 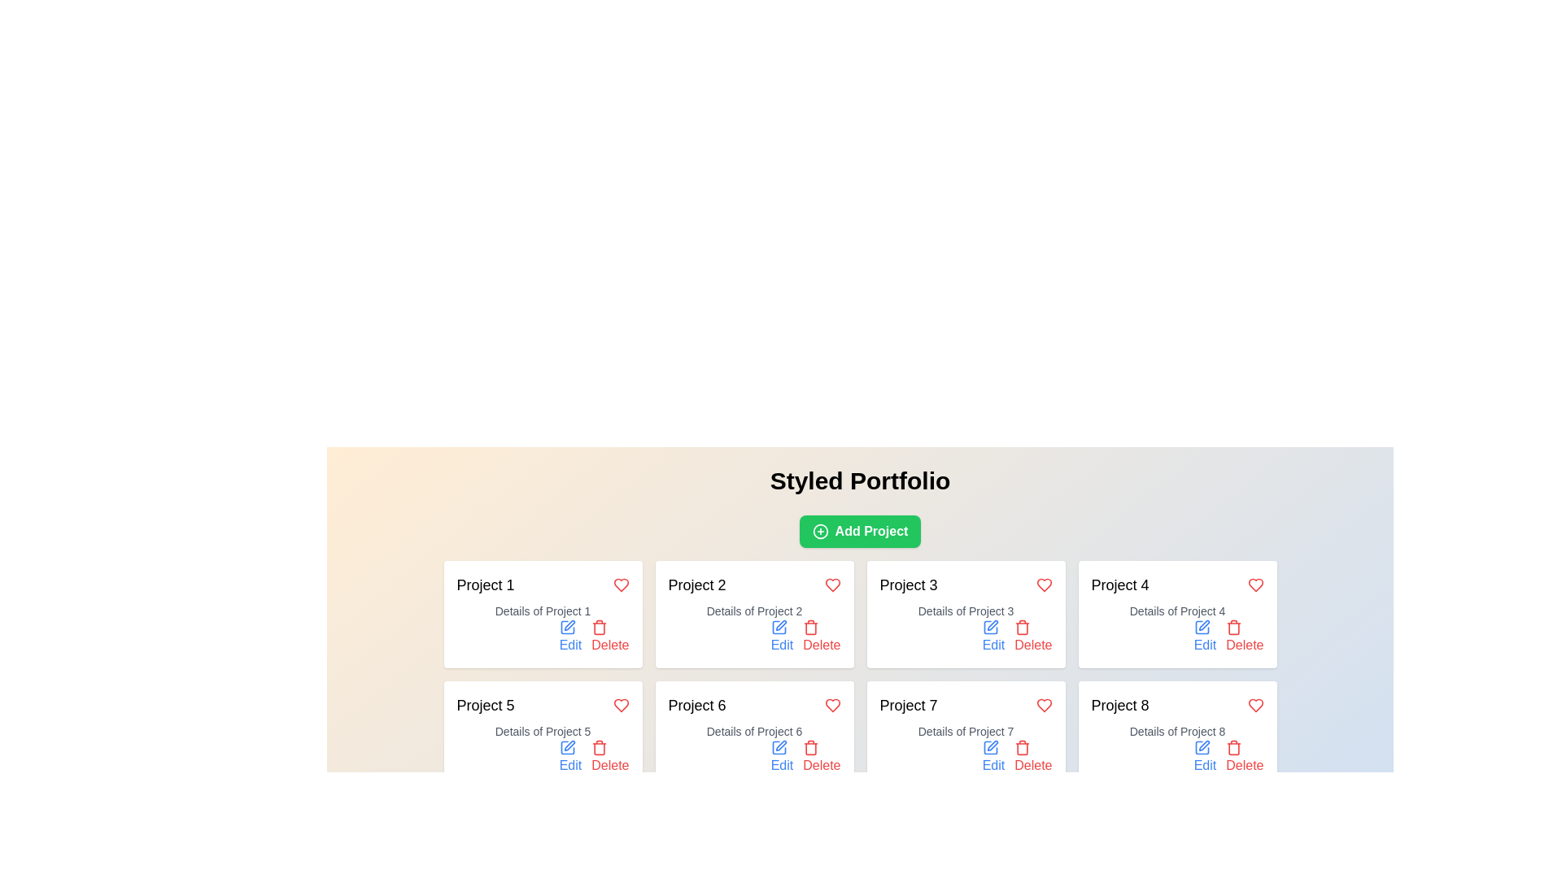 I want to click on the edit action icon located in the third card of the first row, positioned above the 'Edit' text, so click(x=992, y=624).